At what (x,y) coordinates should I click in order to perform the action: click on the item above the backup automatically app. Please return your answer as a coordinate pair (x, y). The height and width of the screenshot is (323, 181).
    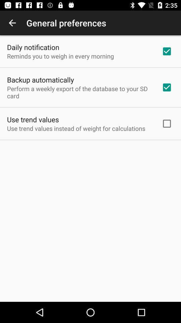
    Looking at the image, I should click on (60, 56).